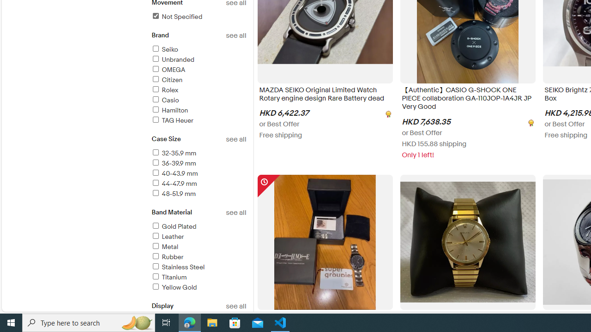  I want to click on 'Rubber', so click(167, 257).